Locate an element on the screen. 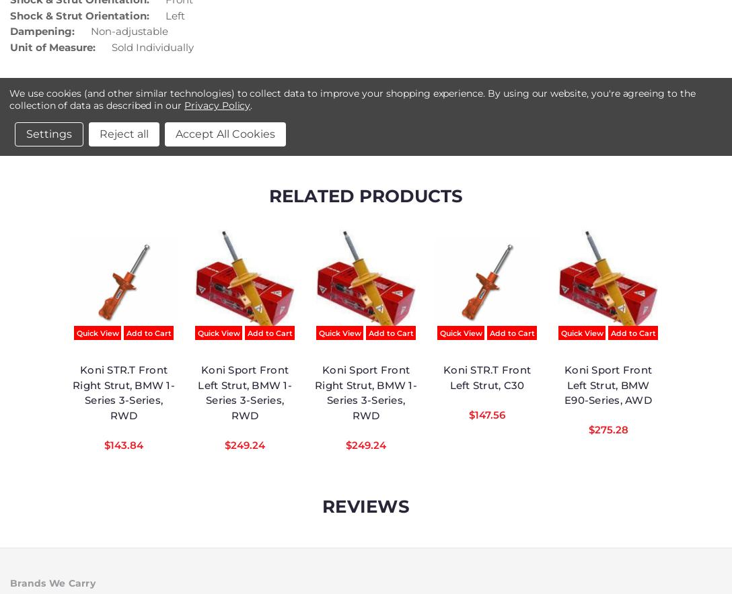 The image size is (732, 594). 'Koni STR.T Front Left Strut, C30' is located at coordinates (486, 376).